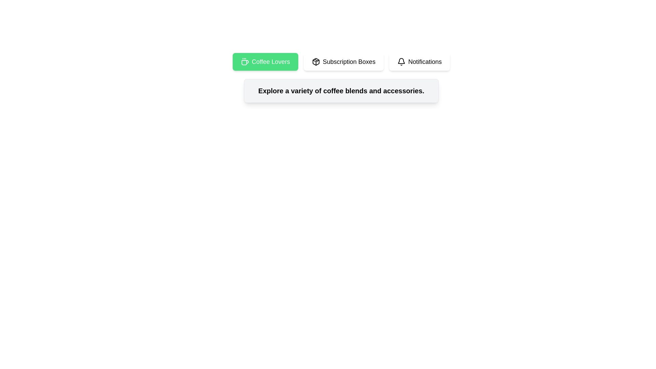  What do you see at coordinates (265, 62) in the screenshot?
I see `the 'Coffee Lovers' button, which is the first button in a horizontal group of buttons located in the upper-left section of the interface` at bounding box center [265, 62].